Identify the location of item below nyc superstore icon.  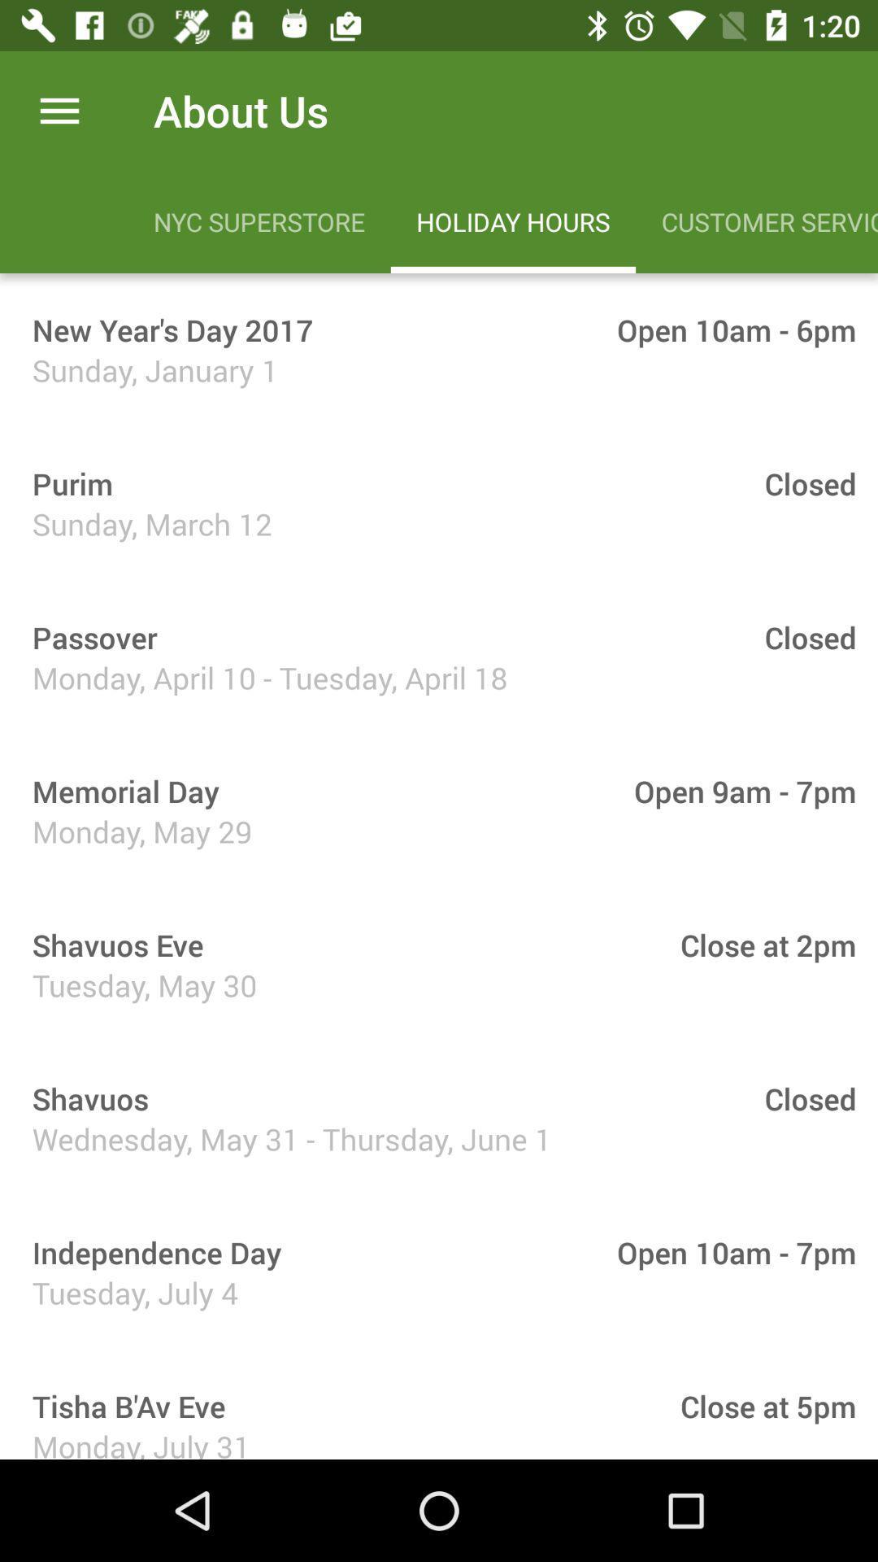
(167, 329).